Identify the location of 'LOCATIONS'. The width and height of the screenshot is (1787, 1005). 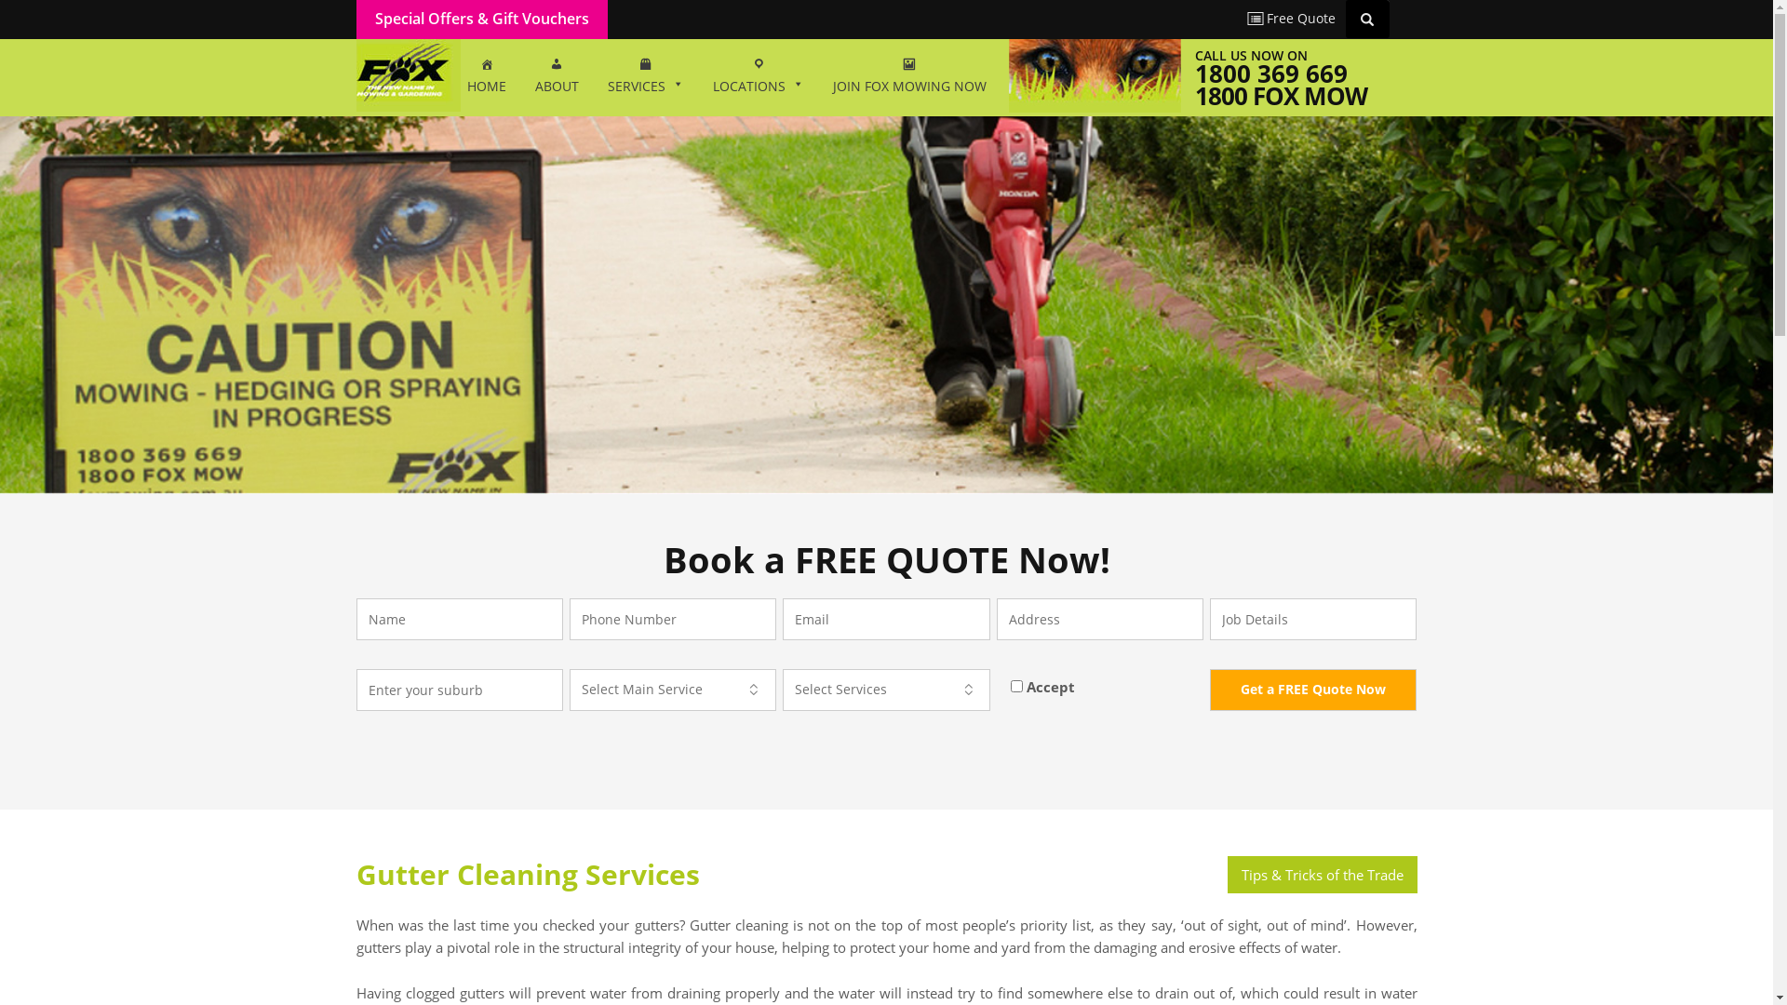
(758, 76).